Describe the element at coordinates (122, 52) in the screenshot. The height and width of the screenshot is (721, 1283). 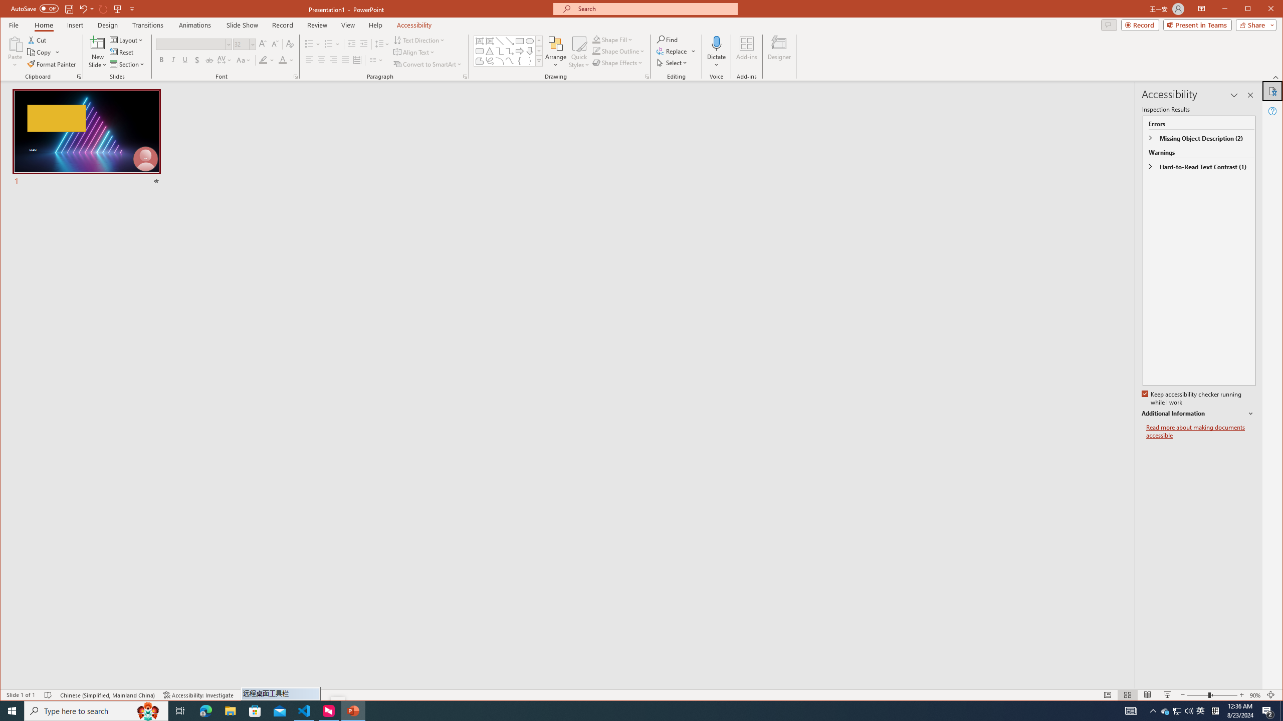
I see `'Reset'` at that location.